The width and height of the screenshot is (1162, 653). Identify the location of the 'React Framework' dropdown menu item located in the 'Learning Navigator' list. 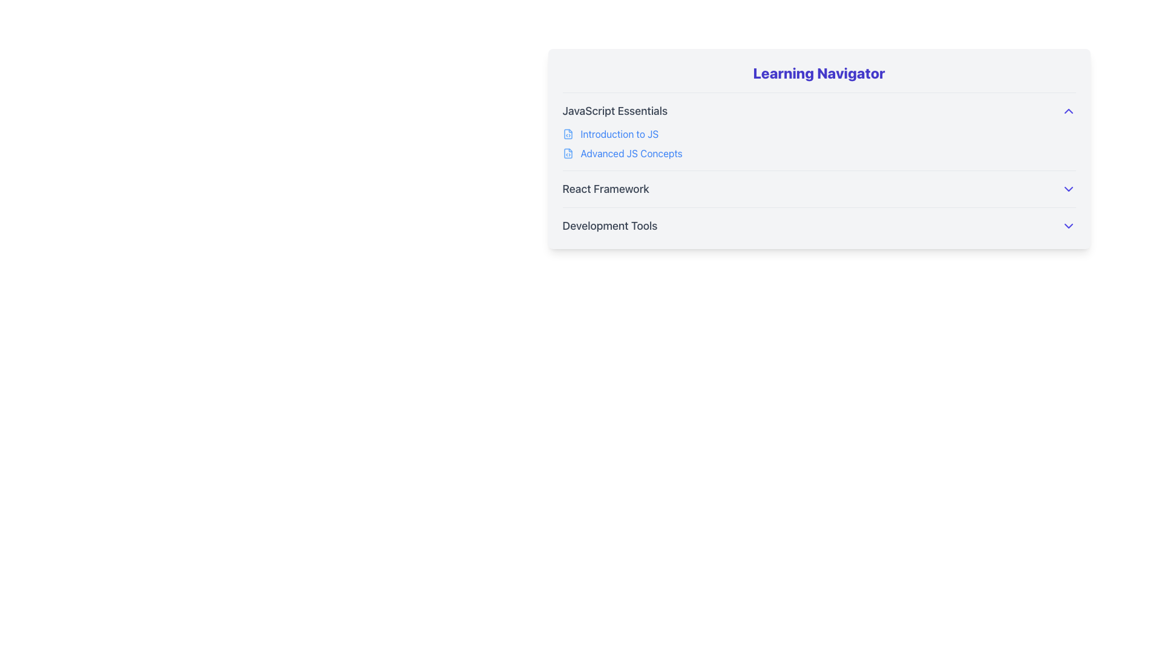
(819, 184).